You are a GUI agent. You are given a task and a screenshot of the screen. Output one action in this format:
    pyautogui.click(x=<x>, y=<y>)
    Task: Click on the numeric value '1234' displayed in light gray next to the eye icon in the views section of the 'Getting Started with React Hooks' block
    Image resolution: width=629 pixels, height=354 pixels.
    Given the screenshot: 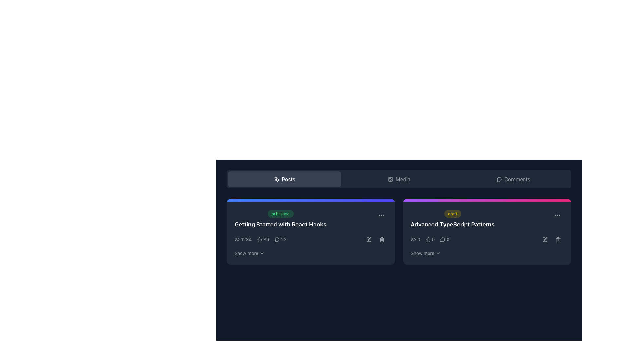 What is the action you would take?
    pyautogui.click(x=243, y=240)
    